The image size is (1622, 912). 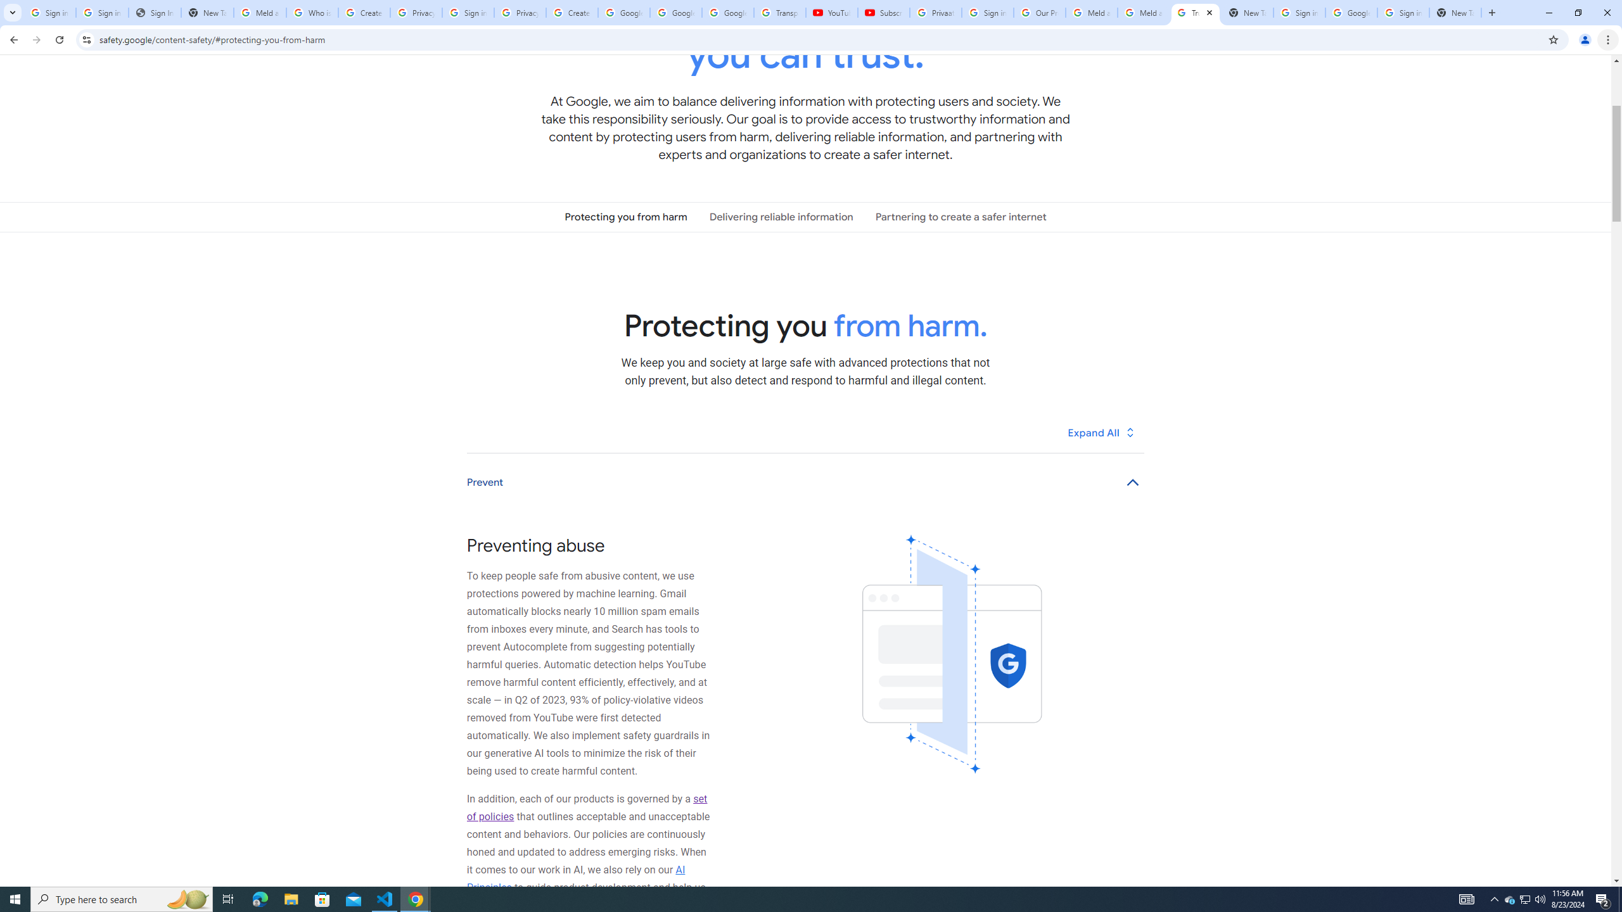 I want to click on 'Sign In - USA TODAY', so click(x=155, y=12).